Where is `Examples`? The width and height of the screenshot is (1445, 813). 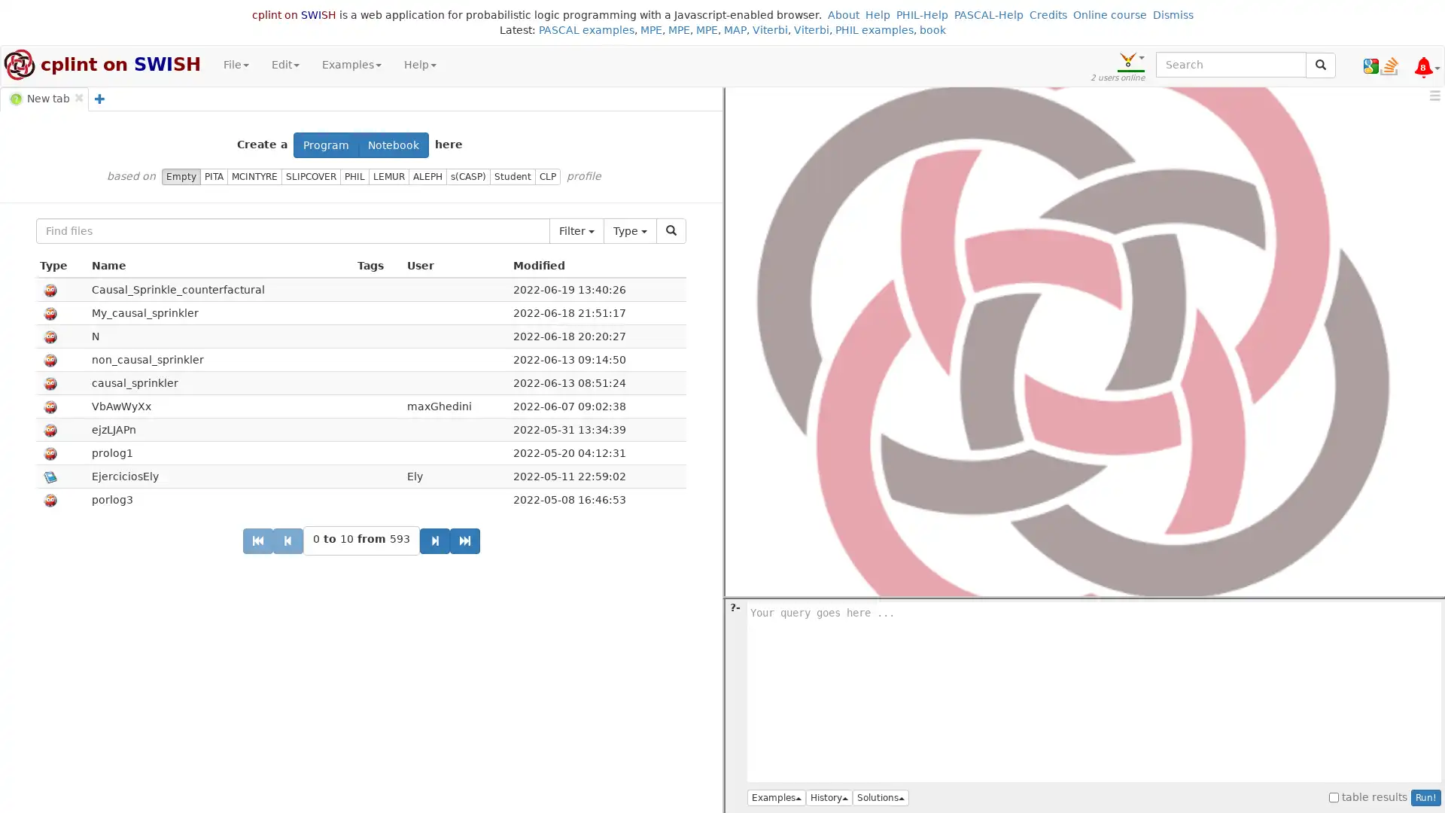 Examples is located at coordinates (777, 797).